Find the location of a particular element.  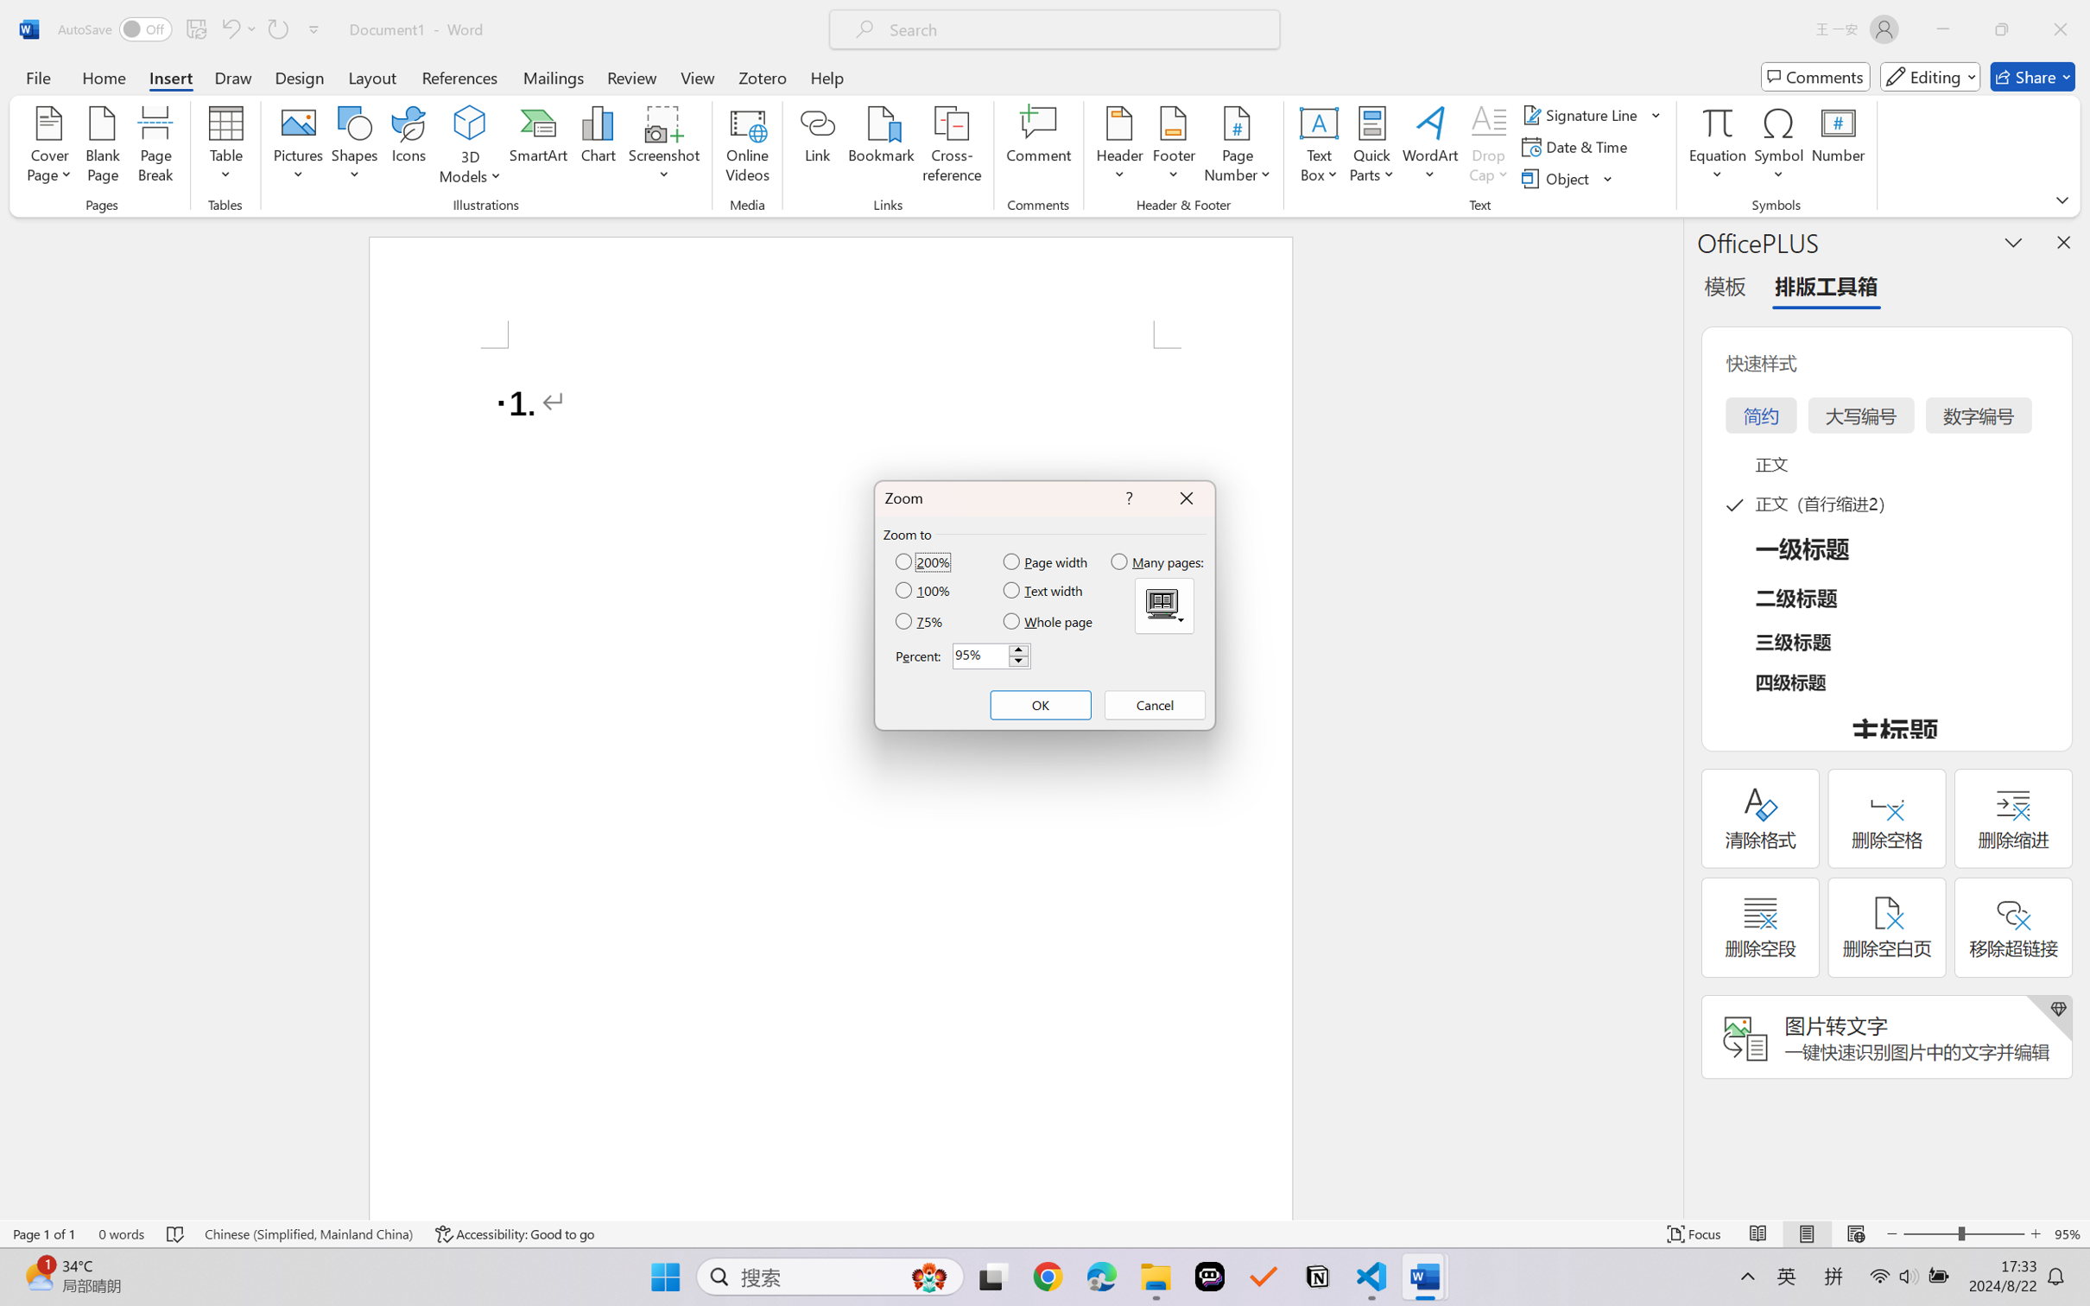

'Page width' is located at coordinates (1046, 561).